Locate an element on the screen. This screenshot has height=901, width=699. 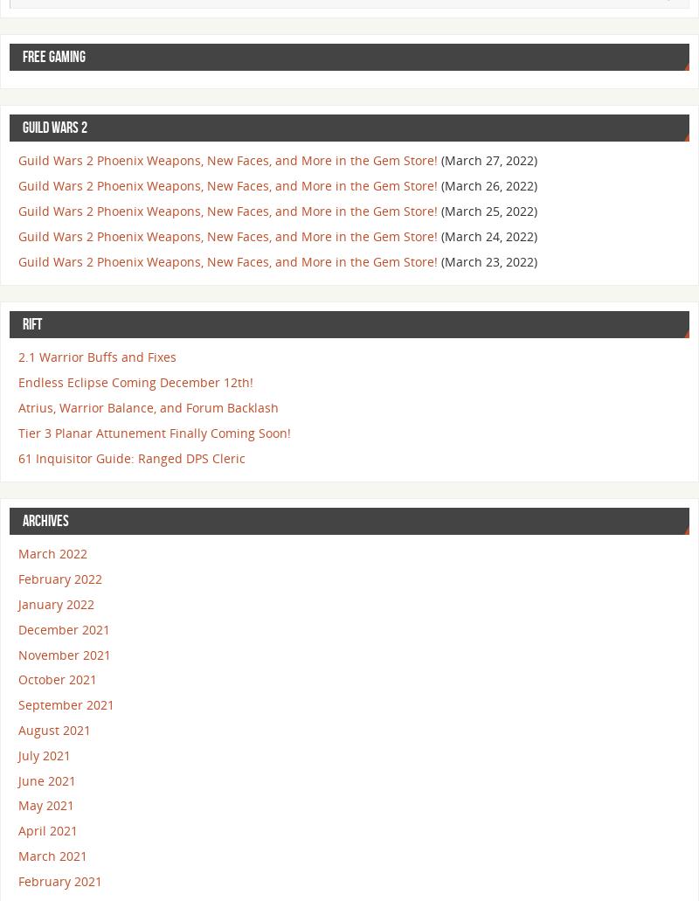
'(March 24, 2022)' is located at coordinates (489, 235).